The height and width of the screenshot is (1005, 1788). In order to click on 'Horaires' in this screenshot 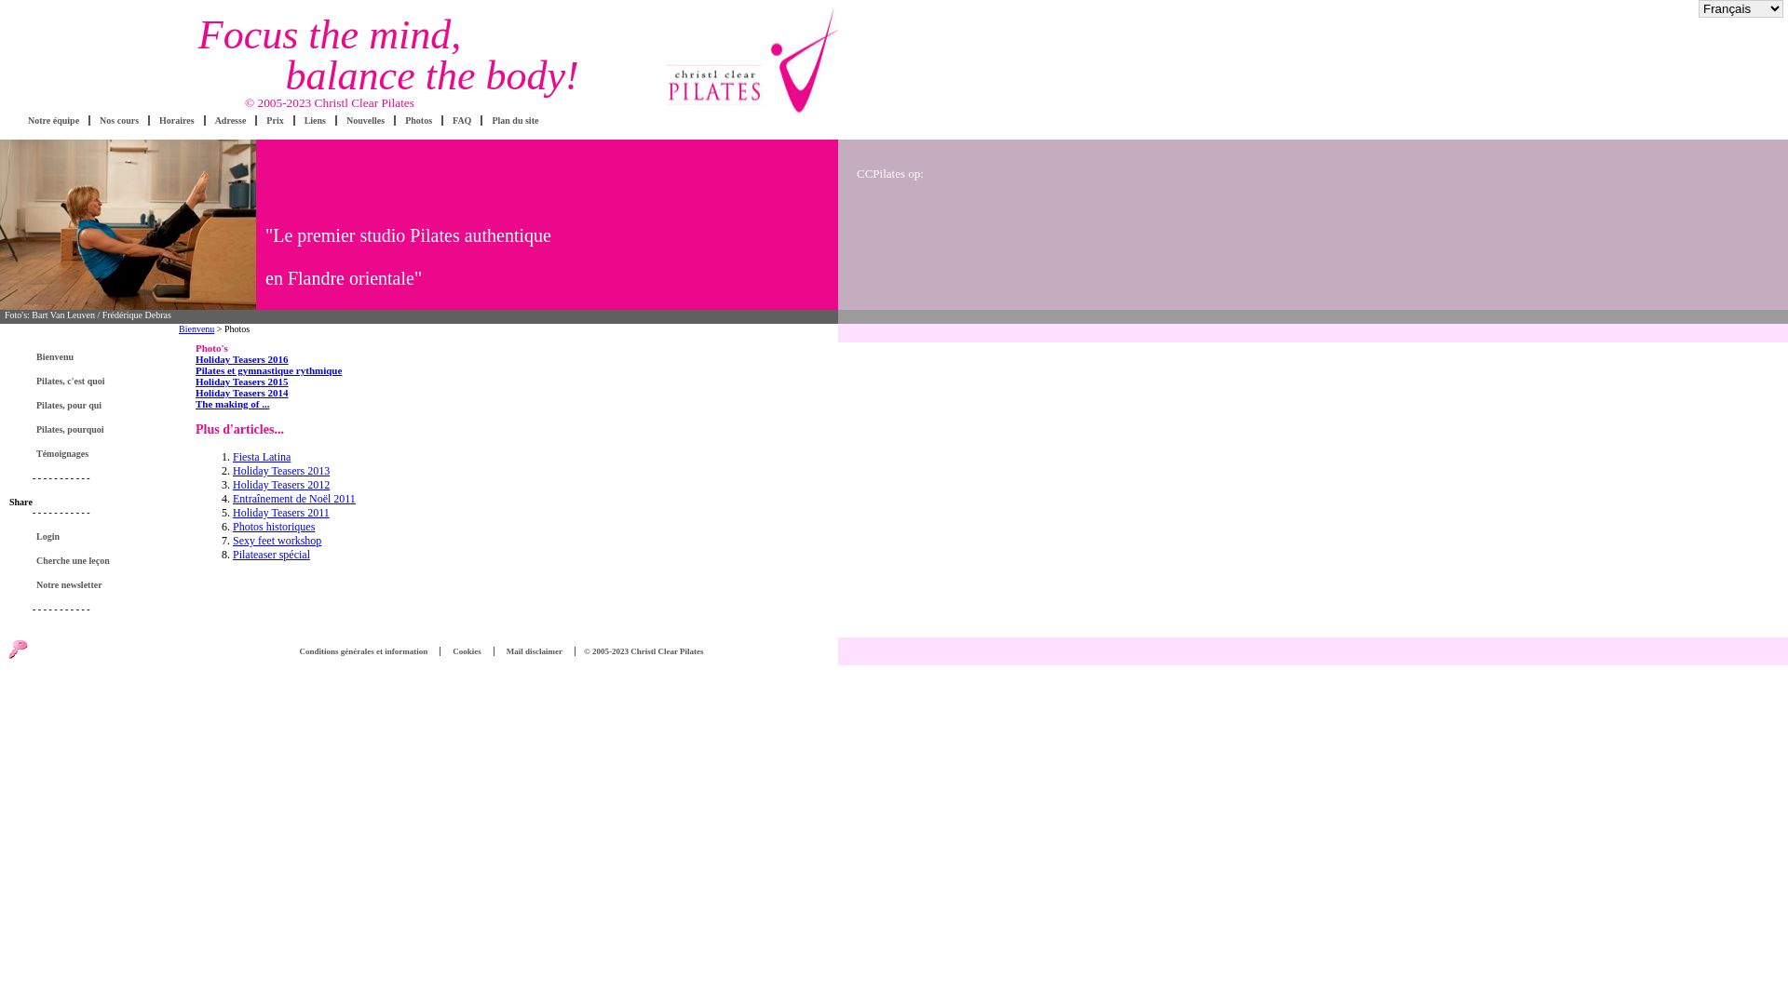, I will do `click(177, 120)`.